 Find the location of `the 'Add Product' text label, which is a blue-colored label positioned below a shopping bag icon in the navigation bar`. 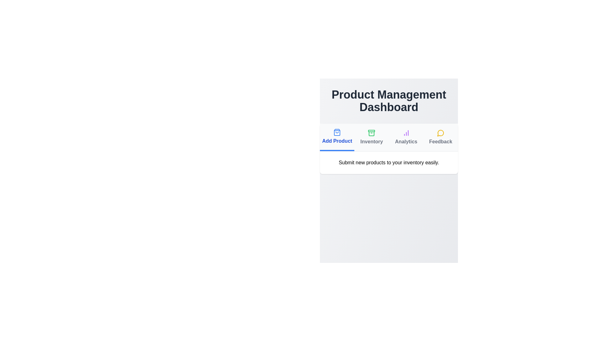

the 'Add Product' text label, which is a blue-colored label positioned below a shopping bag icon in the navigation bar is located at coordinates (337, 141).